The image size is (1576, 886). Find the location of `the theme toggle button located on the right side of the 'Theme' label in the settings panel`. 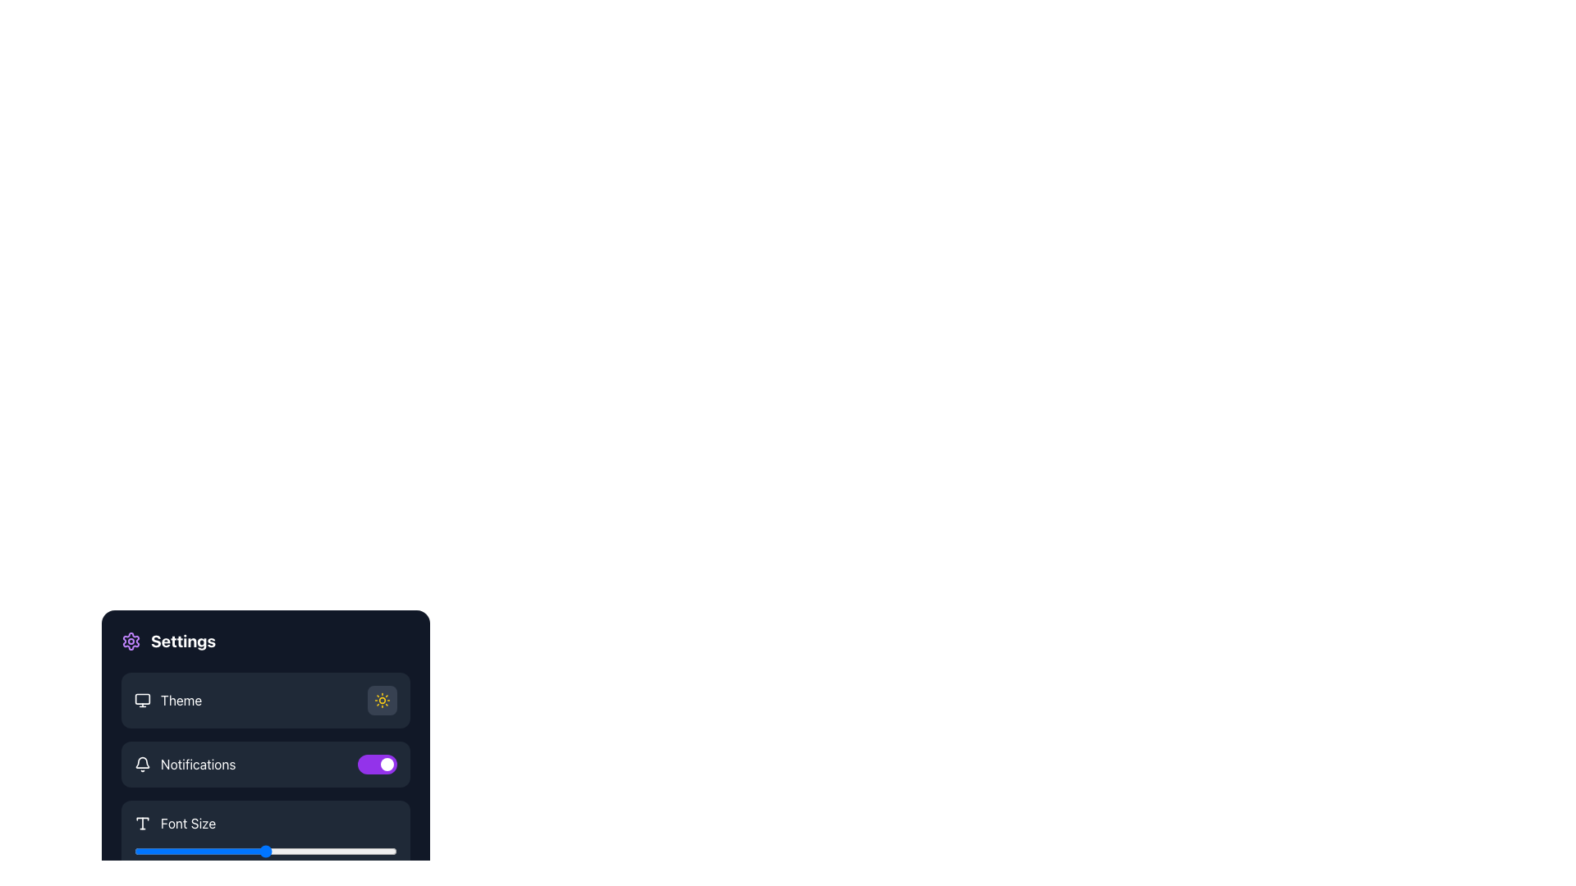

the theme toggle button located on the right side of the 'Theme' label in the settings panel is located at coordinates (381, 700).